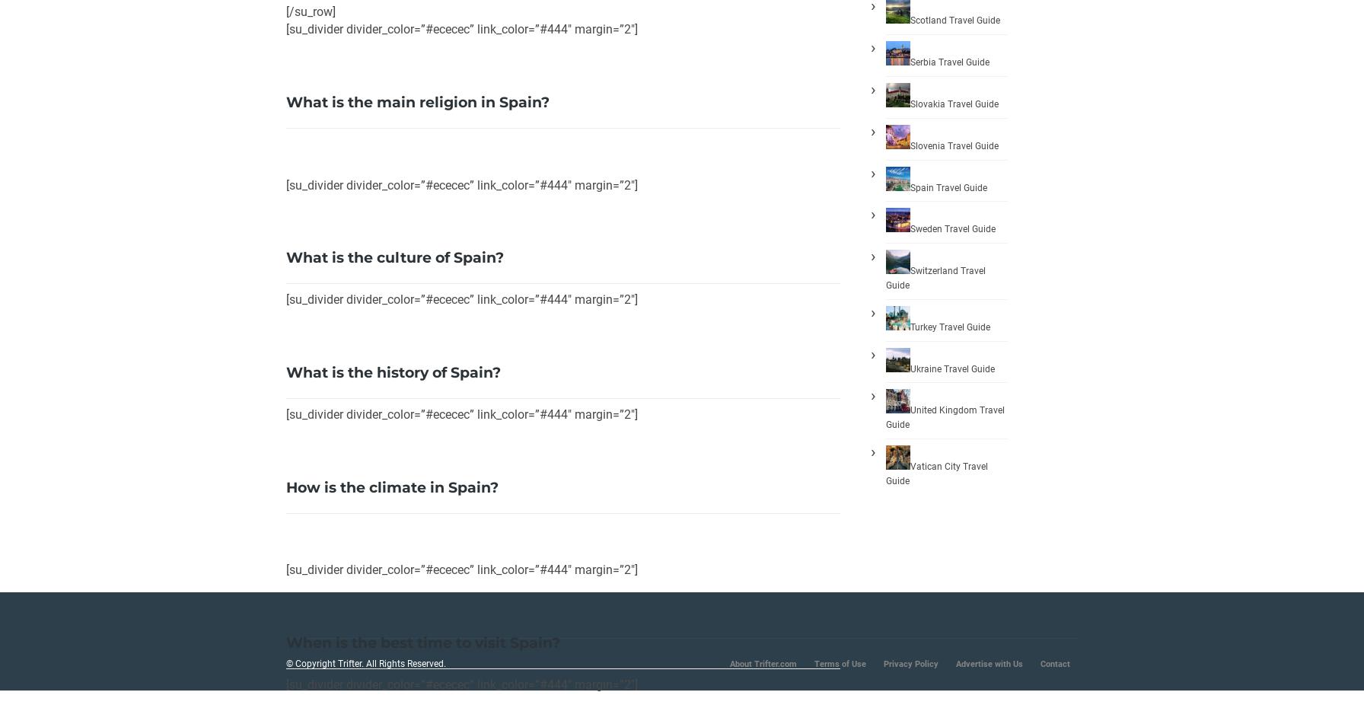 The height and width of the screenshot is (724, 1364). I want to click on 'Ukraine Travel Guide', so click(952, 367).